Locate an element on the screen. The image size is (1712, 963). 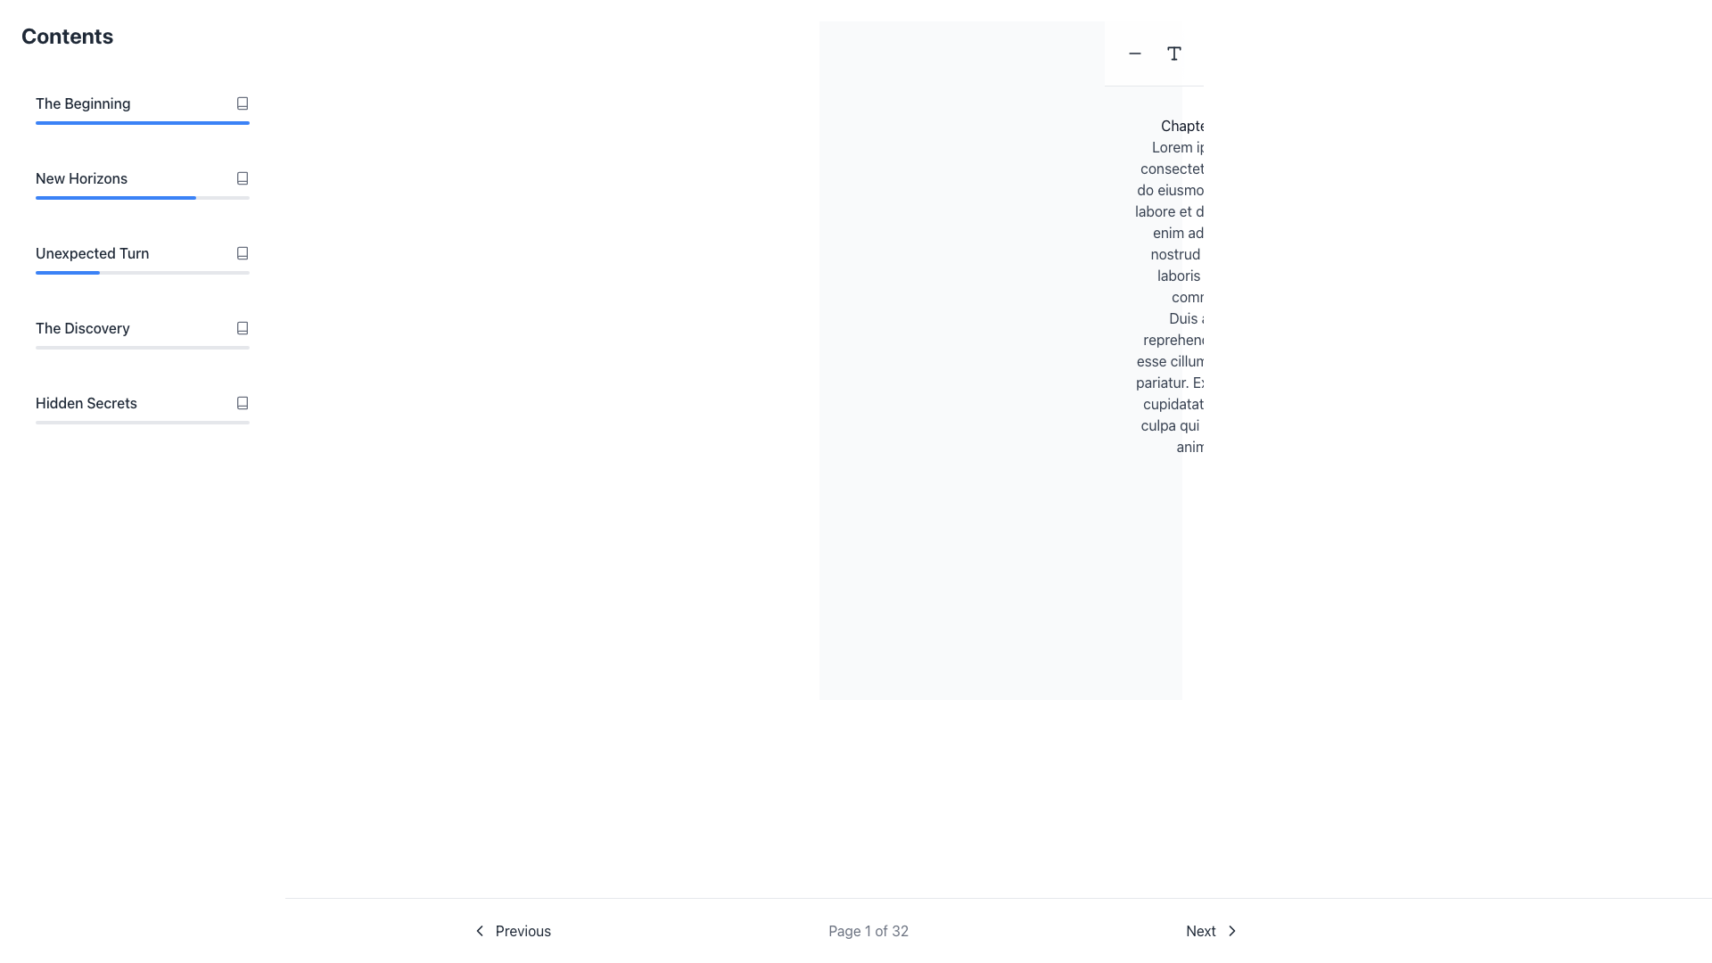
the progress bar located directly beneath the text labeled 'The Beginning', which is styled as a thin horizontal bar with rounded edges and indicates complete progress is located at coordinates (141, 122).